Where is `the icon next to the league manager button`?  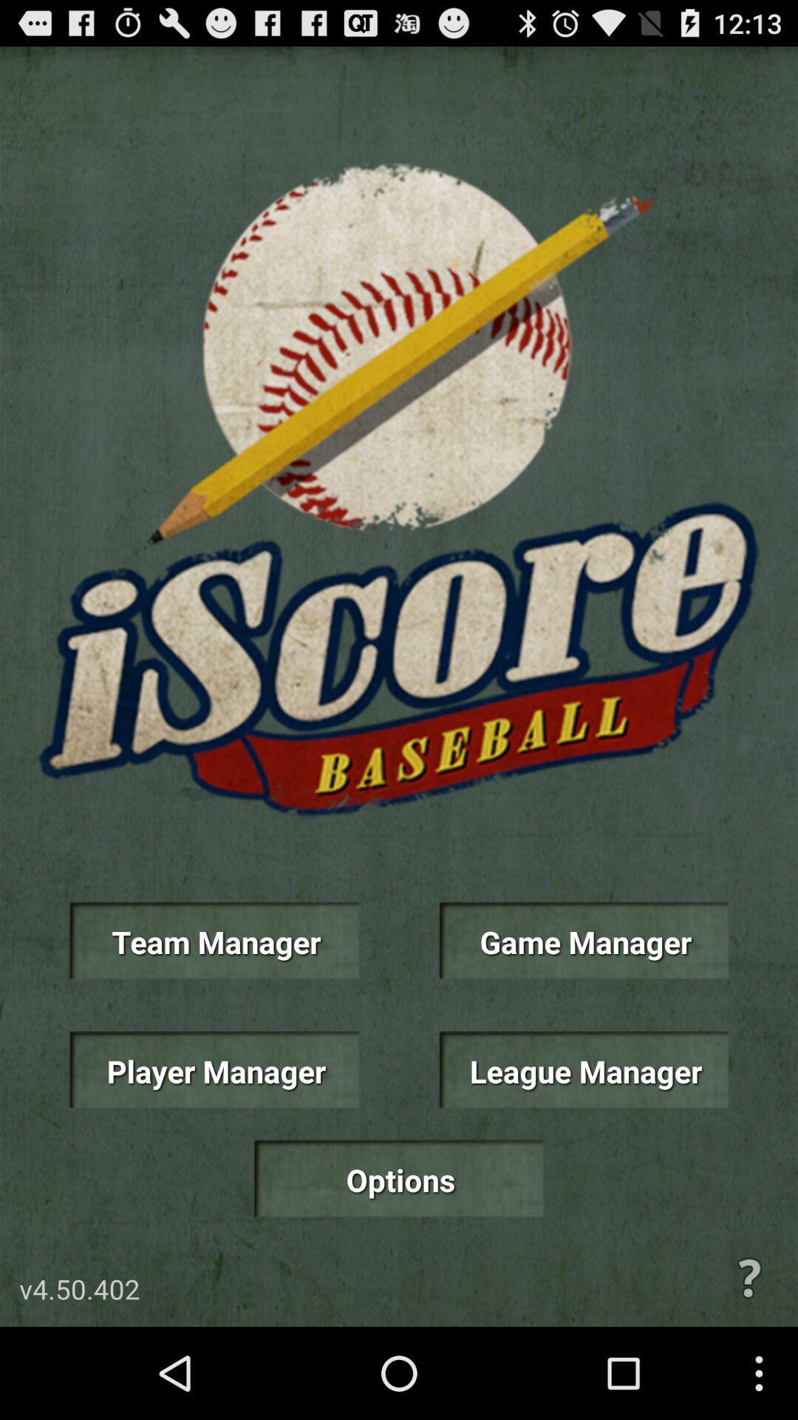
the icon next to the league manager button is located at coordinates (214, 1069).